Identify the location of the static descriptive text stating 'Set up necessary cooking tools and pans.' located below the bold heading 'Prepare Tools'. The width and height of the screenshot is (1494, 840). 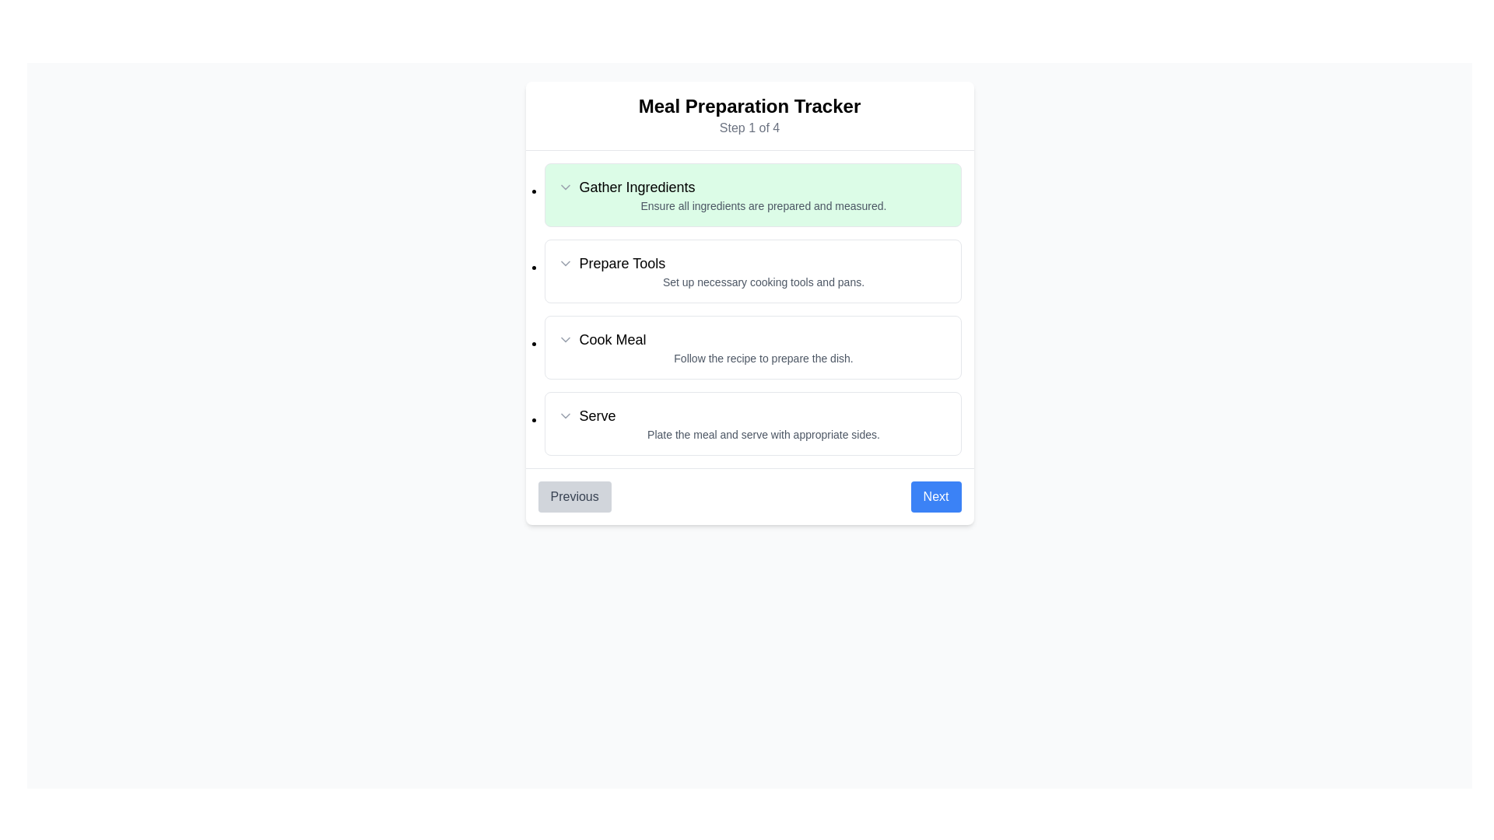
(763, 282).